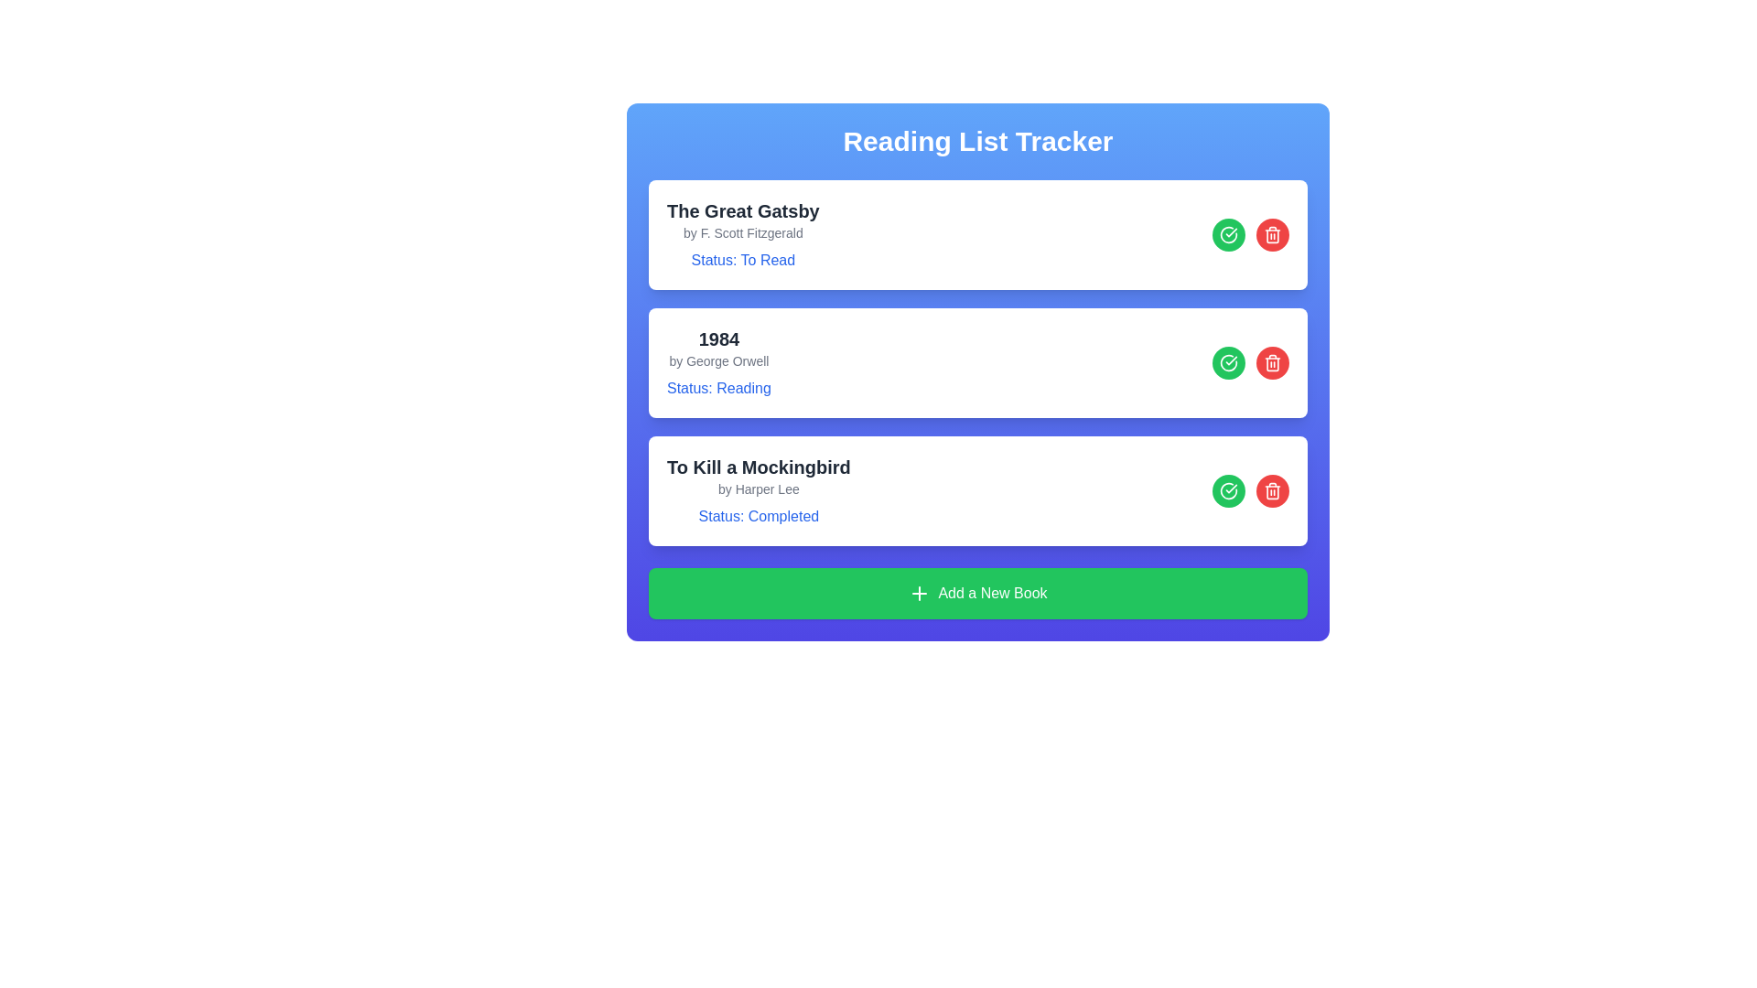  Describe the element at coordinates (717, 363) in the screenshot. I see `the reading status of the book entry displaying '1984' by George Orwell in the Reading List Tracker interface` at that location.